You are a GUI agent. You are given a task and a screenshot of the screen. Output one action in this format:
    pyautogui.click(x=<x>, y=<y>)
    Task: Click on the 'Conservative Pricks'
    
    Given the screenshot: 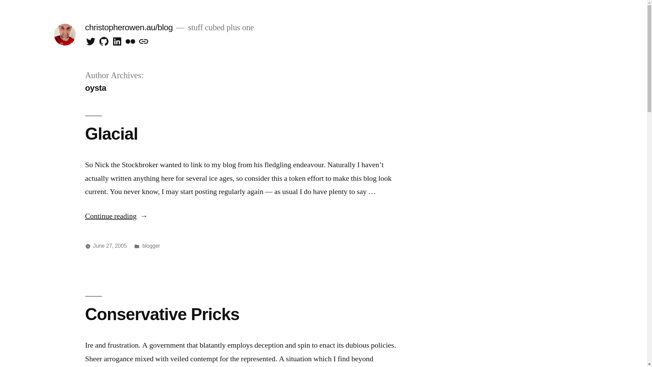 What is the action you would take?
    pyautogui.click(x=161, y=314)
    